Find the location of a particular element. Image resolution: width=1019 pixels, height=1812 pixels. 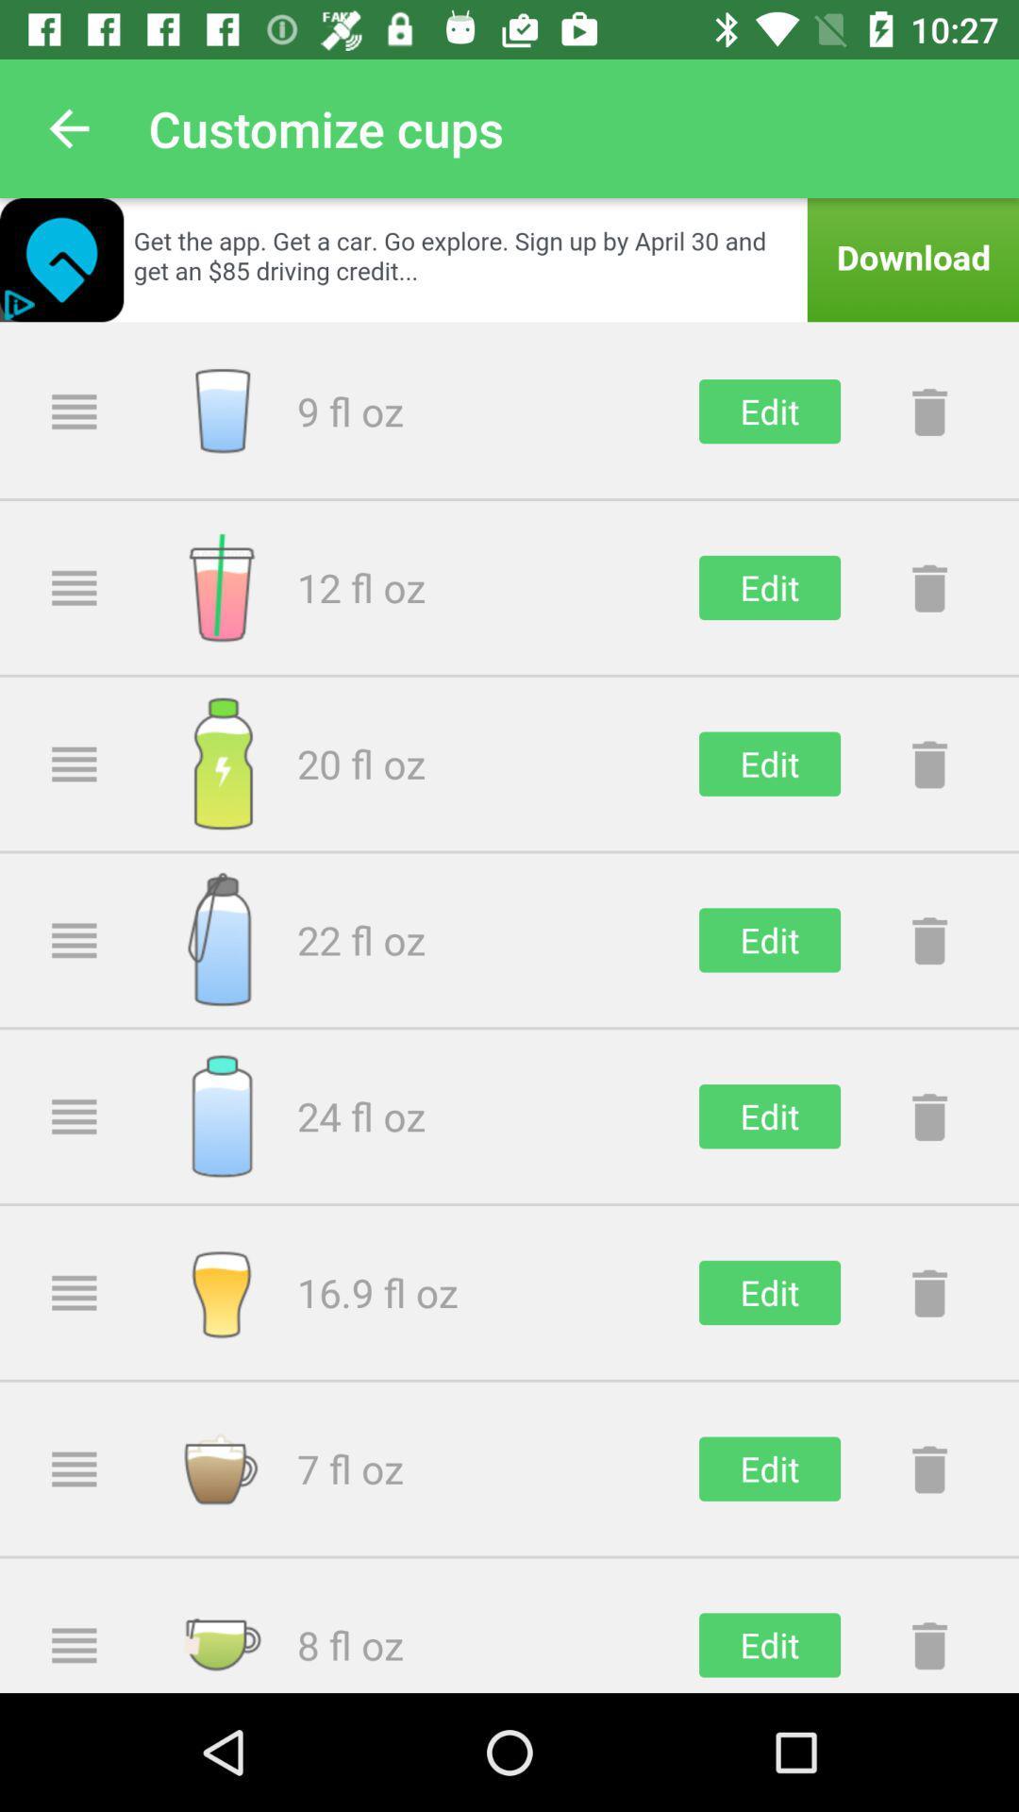

delete button is located at coordinates (928, 1644).